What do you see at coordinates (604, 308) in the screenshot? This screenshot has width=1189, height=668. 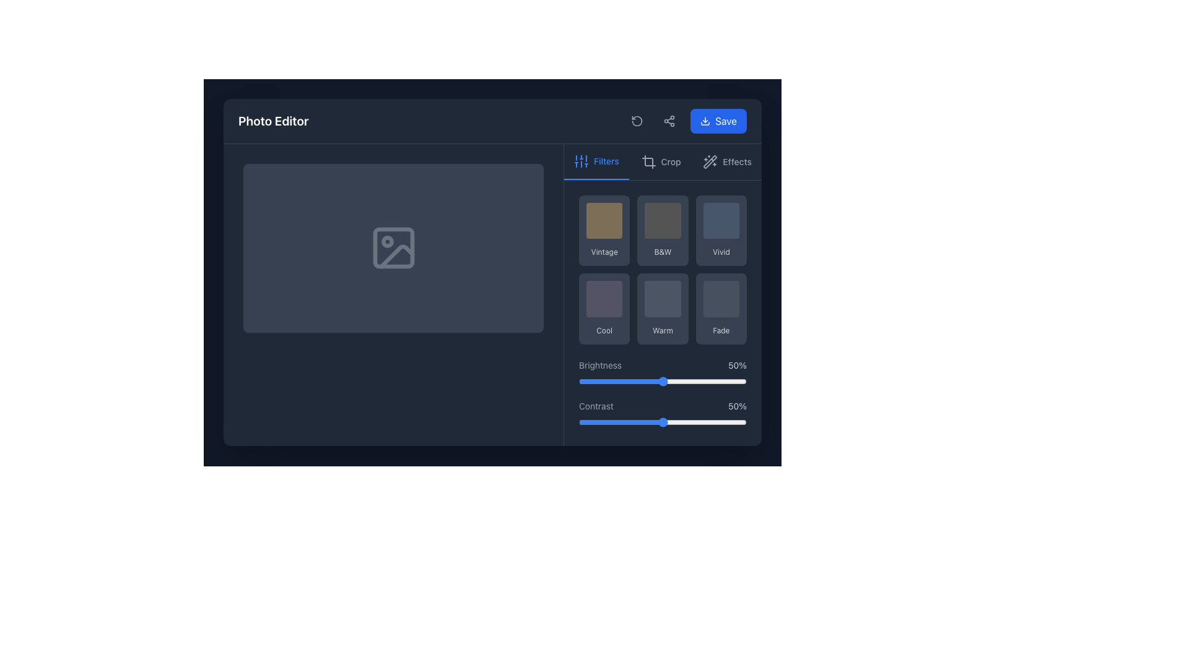 I see `the 'Cool' button with a dark gray background and rounded corners in the Filters section to apply the filter` at bounding box center [604, 308].